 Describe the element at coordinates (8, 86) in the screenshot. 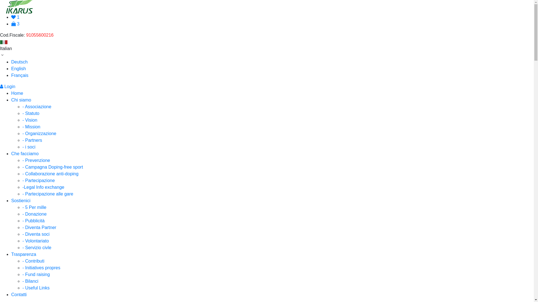

I see `'Login'` at that location.